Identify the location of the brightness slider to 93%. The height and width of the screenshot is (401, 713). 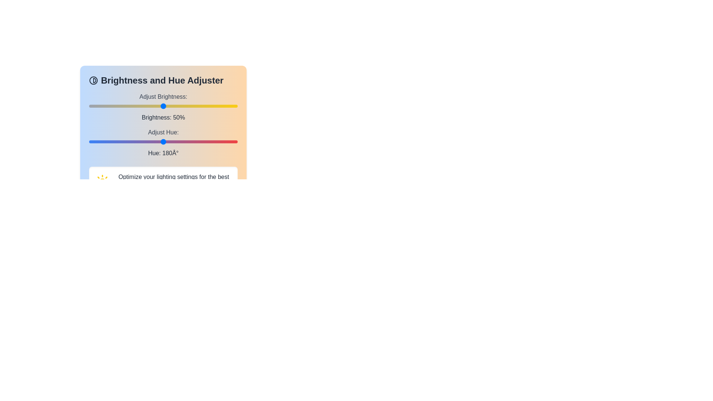
(227, 106).